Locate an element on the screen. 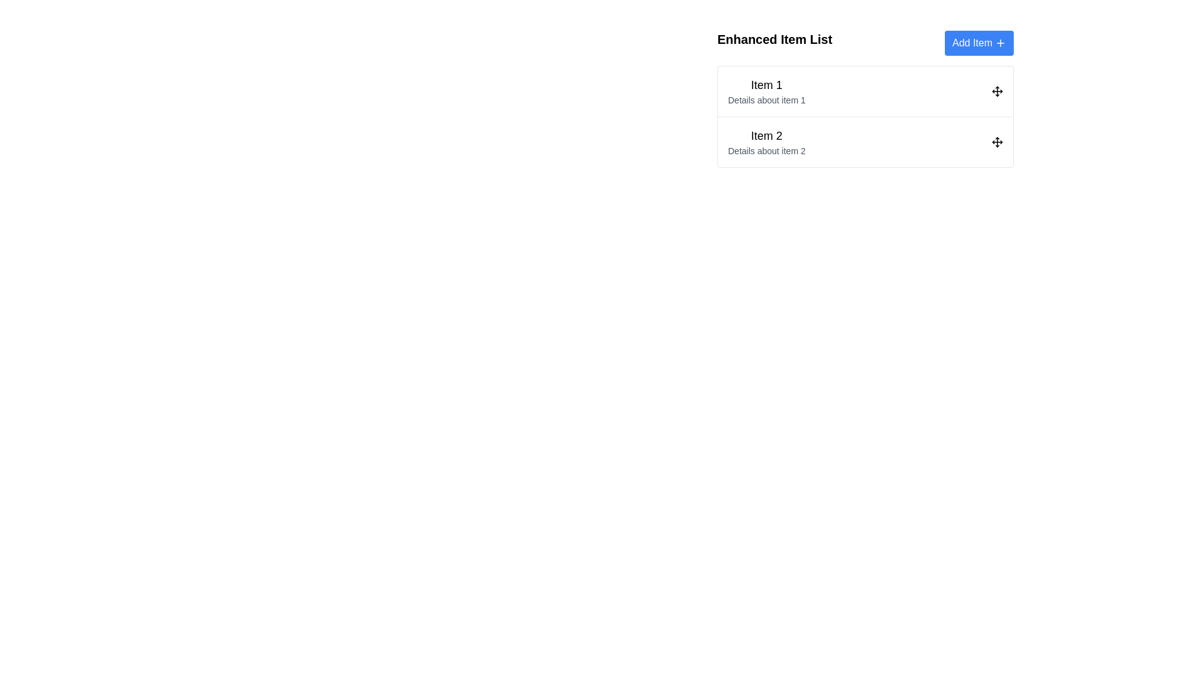 This screenshot has height=677, width=1203. text content of the text block displaying 'Details about item 1', located below the main title 'Item 1' in the first item card is located at coordinates (766, 99).